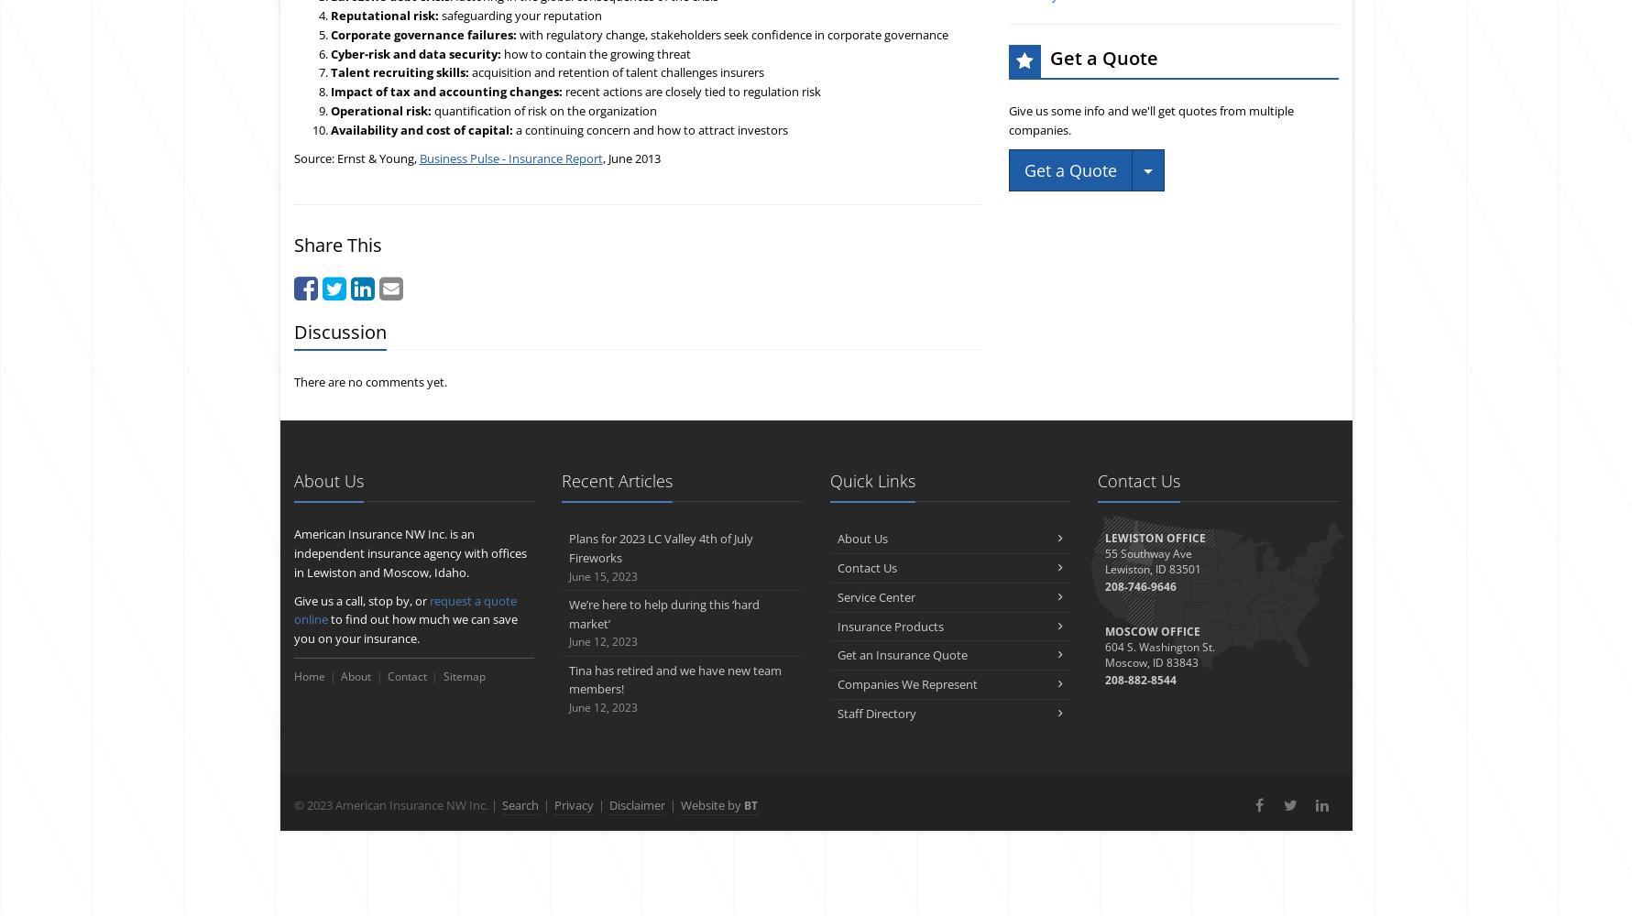  I want to click on 'to find out how much we can save you on your insurance.', so click(404, 628).